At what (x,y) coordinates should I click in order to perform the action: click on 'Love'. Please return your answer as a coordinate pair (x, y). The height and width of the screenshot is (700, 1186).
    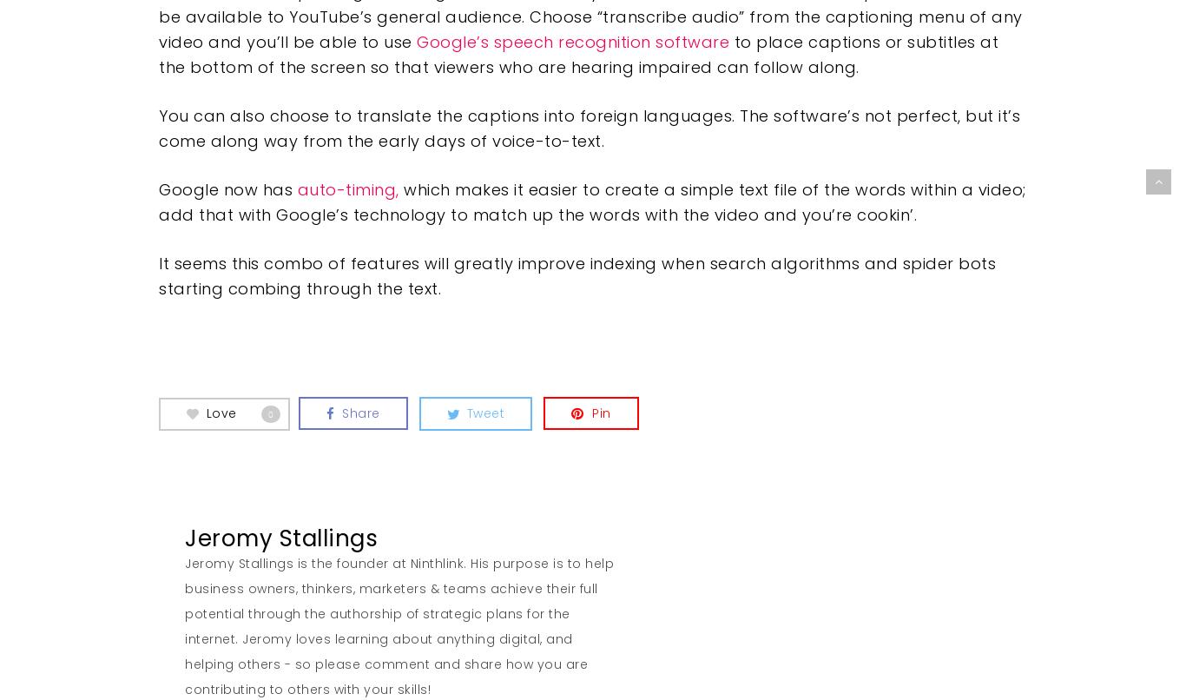
    Looking at the image, I should click on (221, 411).